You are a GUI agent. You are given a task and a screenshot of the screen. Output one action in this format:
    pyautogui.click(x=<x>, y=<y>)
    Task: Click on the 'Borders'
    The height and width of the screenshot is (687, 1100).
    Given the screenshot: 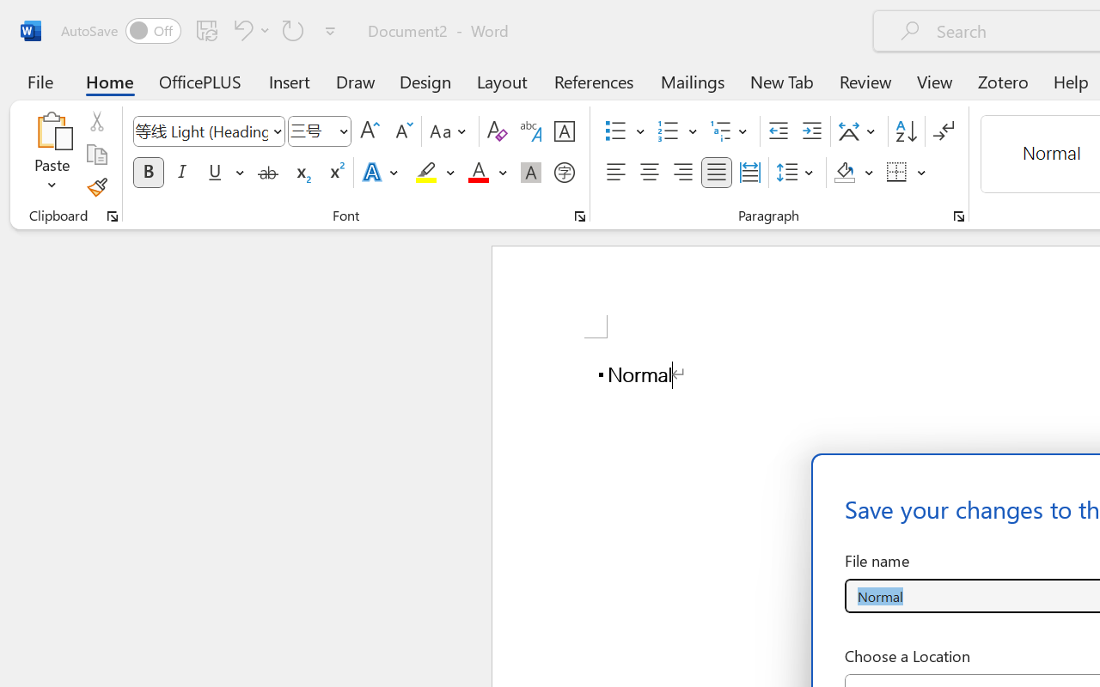 What is the action you would take?
    pyautogui.click(x=896, y=173)
    